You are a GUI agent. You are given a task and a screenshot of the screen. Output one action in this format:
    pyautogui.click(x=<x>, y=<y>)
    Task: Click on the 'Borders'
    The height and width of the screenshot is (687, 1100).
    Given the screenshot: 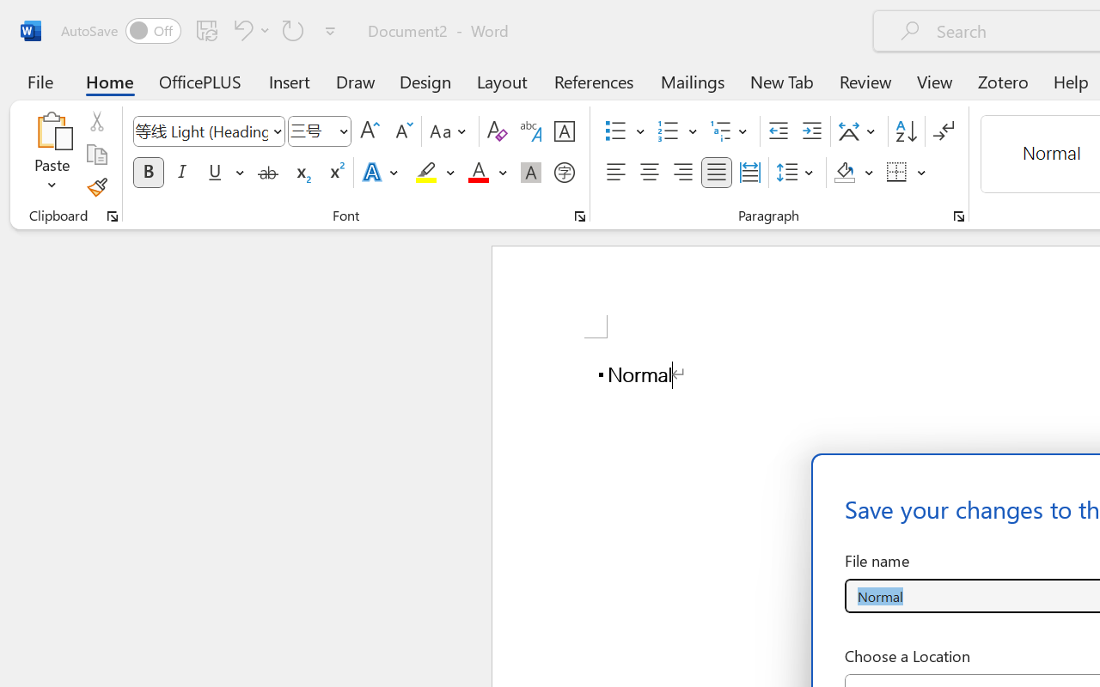 What is the action you would take?
    pyautogui.click(x=896, y=173)
    